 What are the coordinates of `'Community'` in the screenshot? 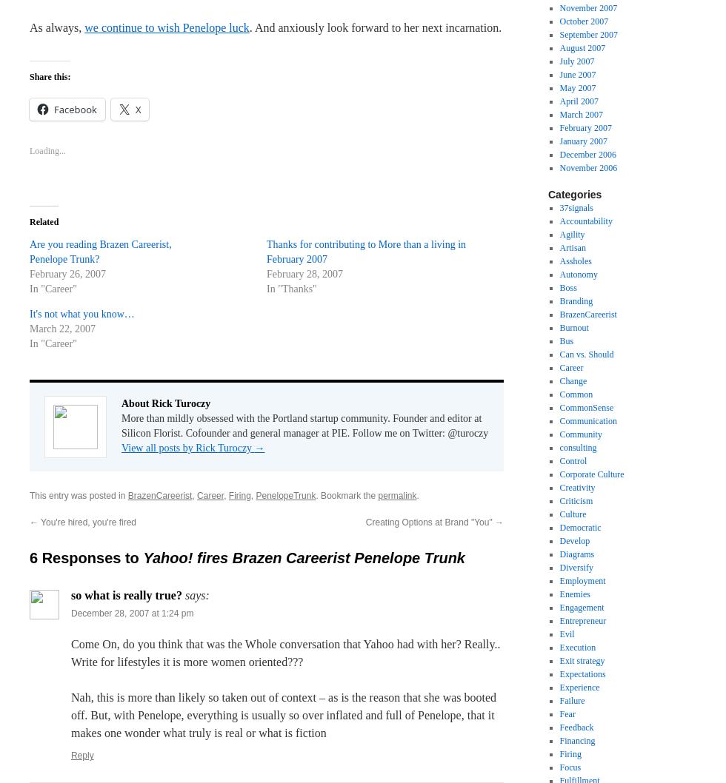 It's located at (559, 434).